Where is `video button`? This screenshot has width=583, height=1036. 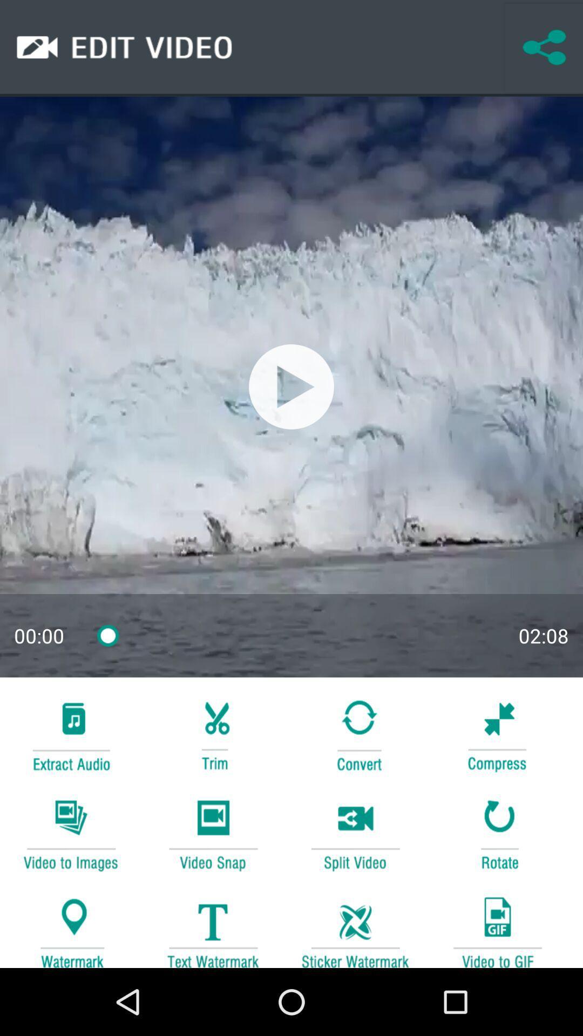 video button is located at coordinates (213, 833).